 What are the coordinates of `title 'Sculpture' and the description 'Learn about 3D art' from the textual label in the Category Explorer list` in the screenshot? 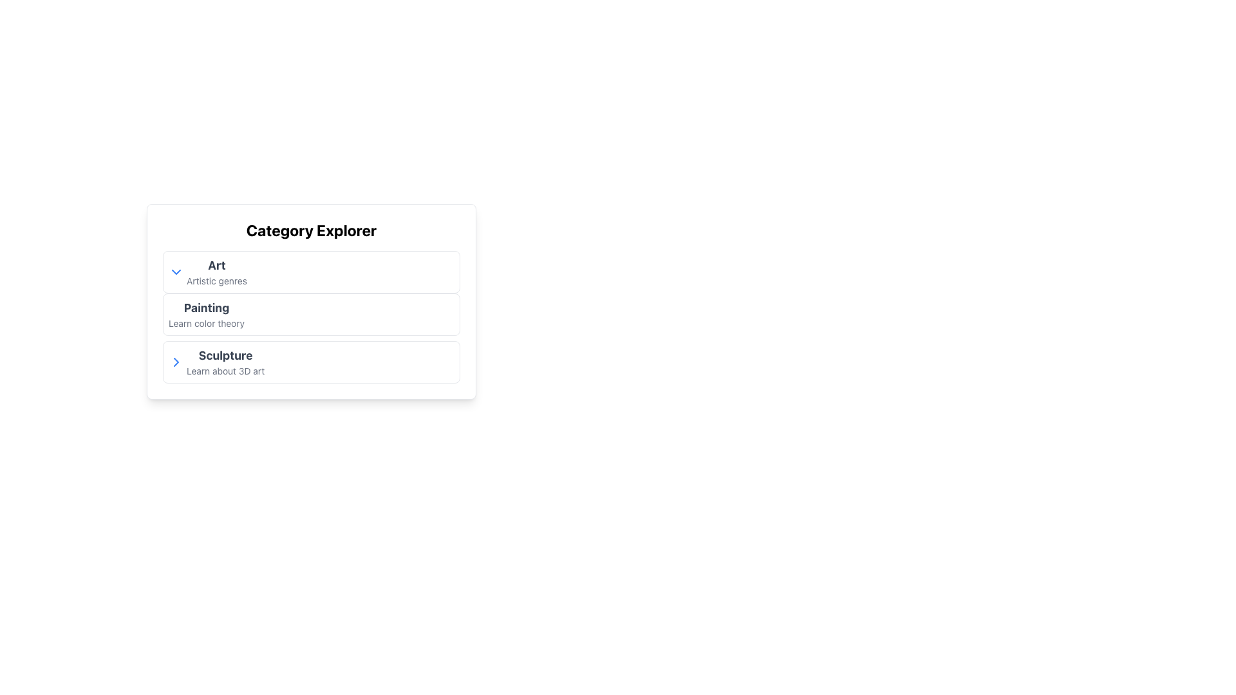 It's located at (225, 362).